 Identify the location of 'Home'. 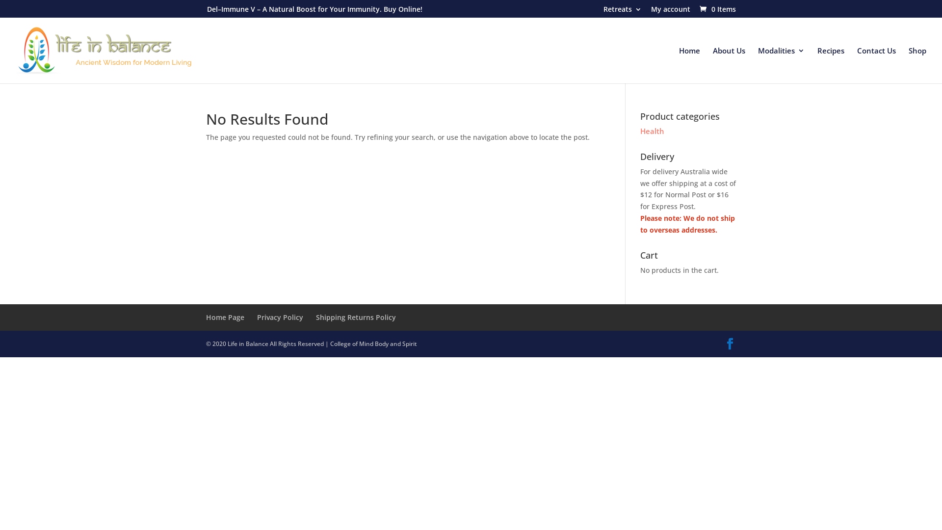
(689, 65).